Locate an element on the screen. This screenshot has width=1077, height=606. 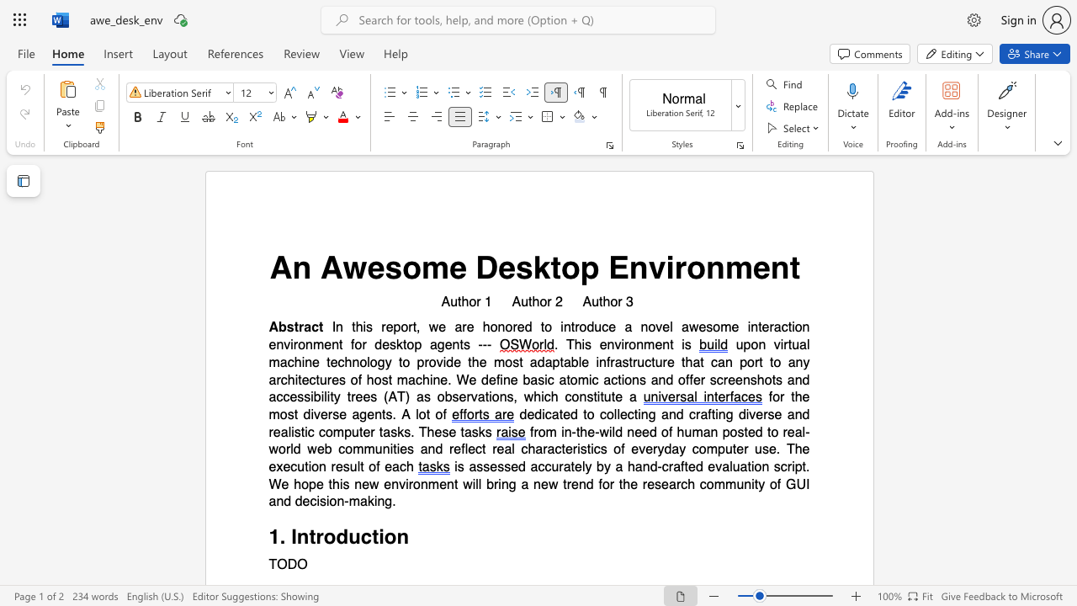
the 3th character "i" in the text is located at coordinates (792, 467).